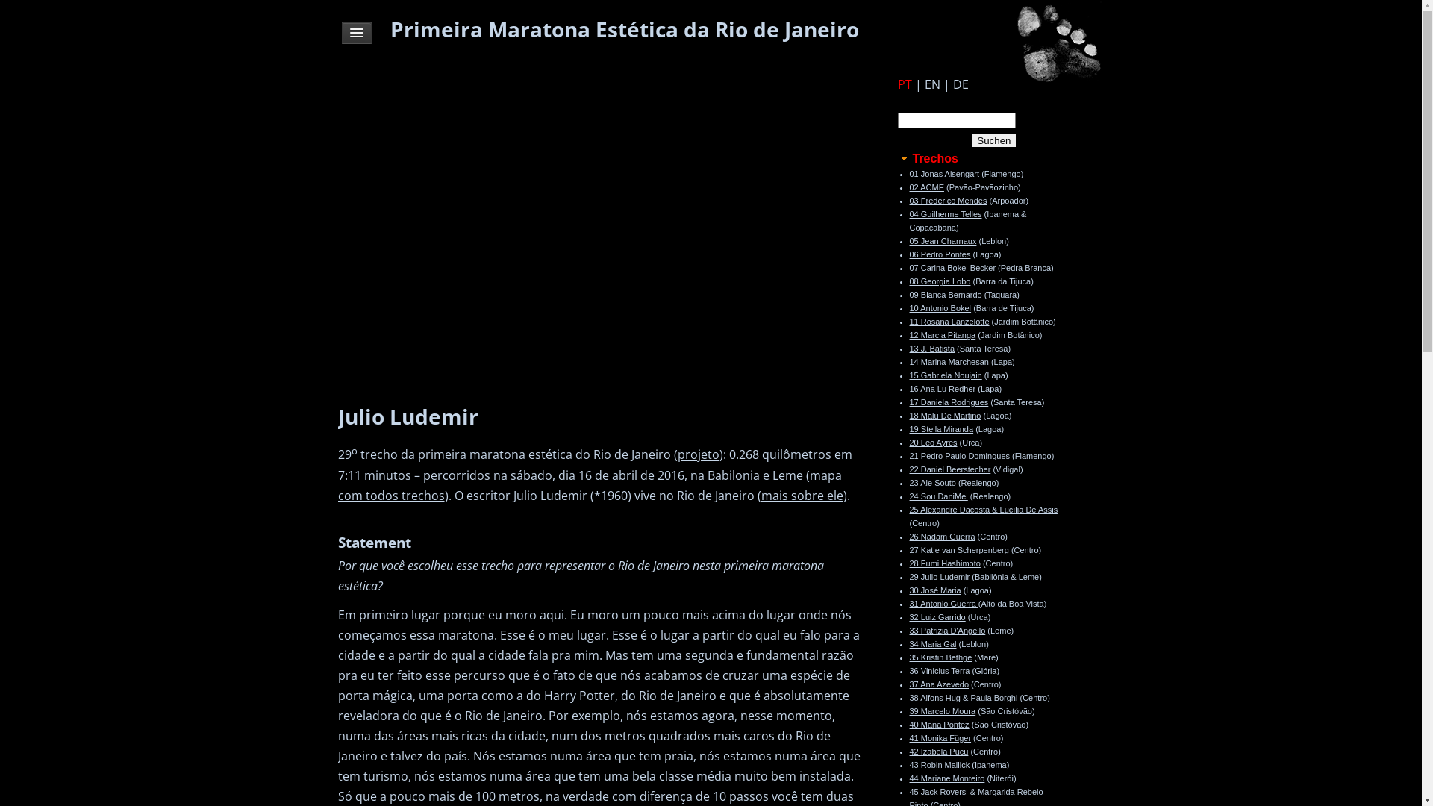  What do you see at coordinates (588, 485) in the screenshot?
I see `'mapa com todos trechos'` at bounding box center [588, 485].